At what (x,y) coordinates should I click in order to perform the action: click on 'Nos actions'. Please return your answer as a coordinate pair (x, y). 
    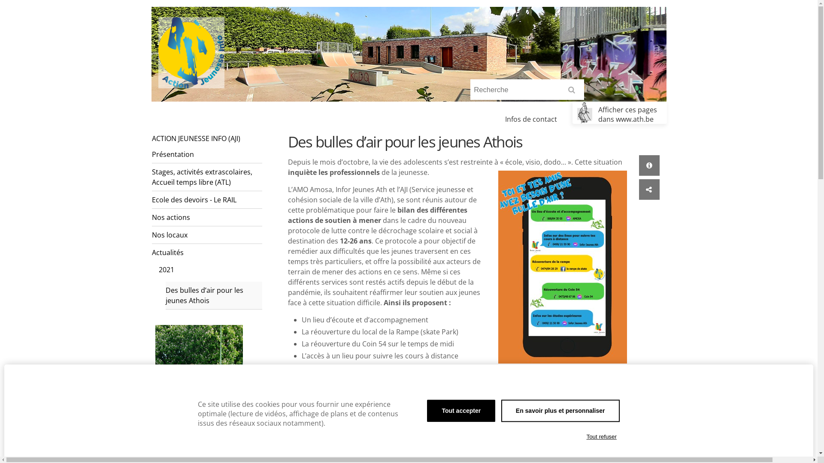
    Looking at the image, I should click on (206, 217).